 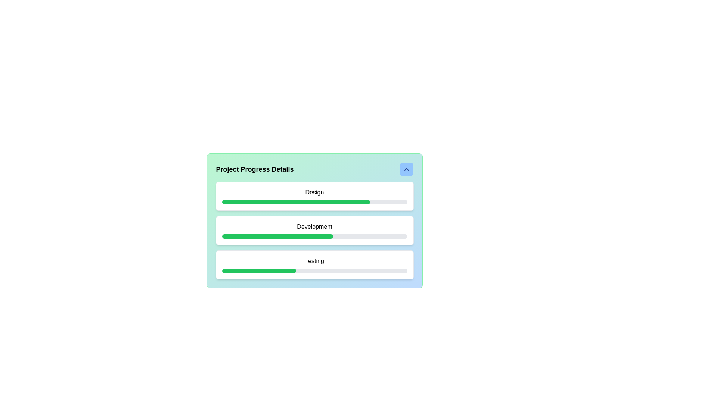 What do you see at coordinates (295, 202) in the screenshot?
I see `the green rectangular progress bar segment located under the 'Design' label in the first row of the vertically stacked layout` at bounding box center [295, 202].